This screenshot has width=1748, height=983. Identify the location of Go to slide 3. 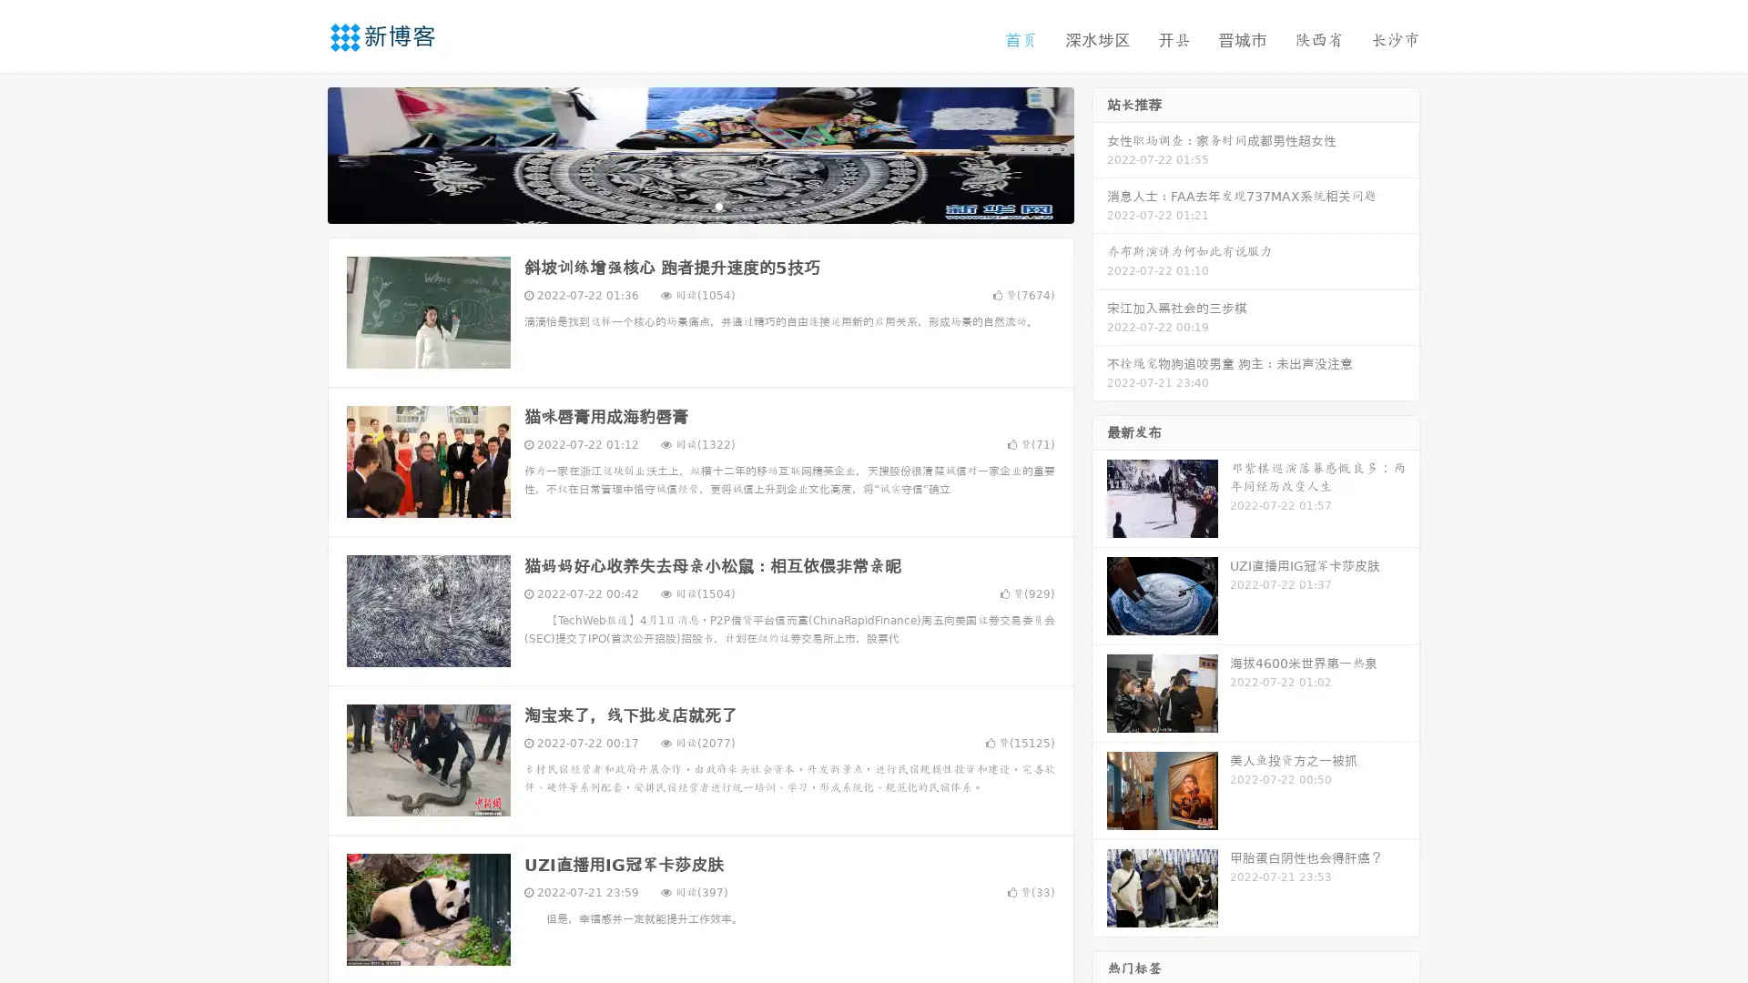
(718, 205).